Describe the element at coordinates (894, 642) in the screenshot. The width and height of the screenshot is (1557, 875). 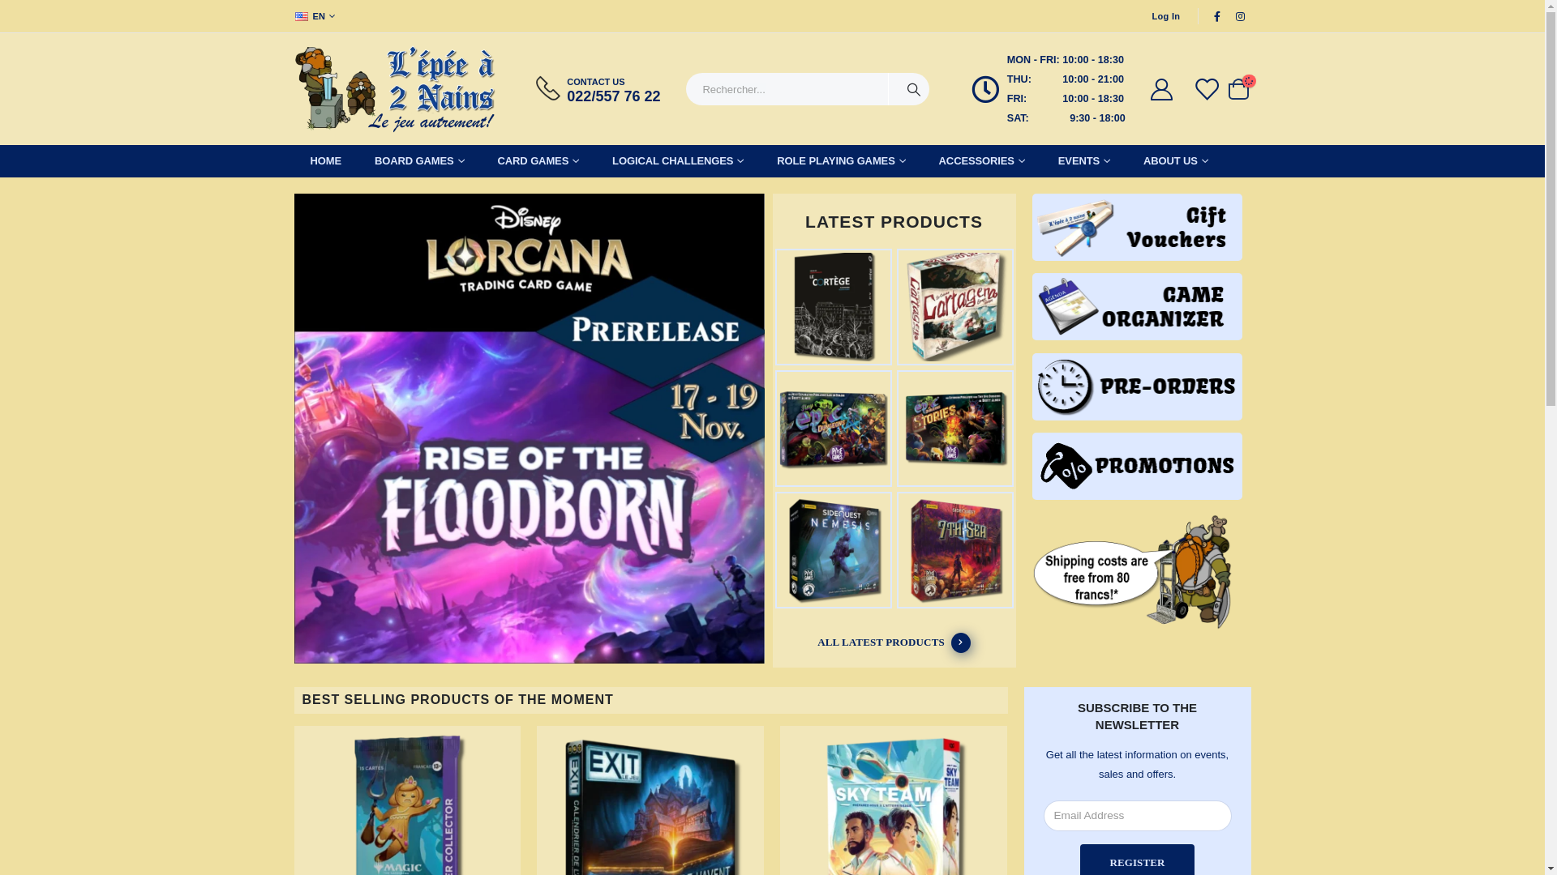
I see `'ALL LATEST PRODUCTS'` at that location.